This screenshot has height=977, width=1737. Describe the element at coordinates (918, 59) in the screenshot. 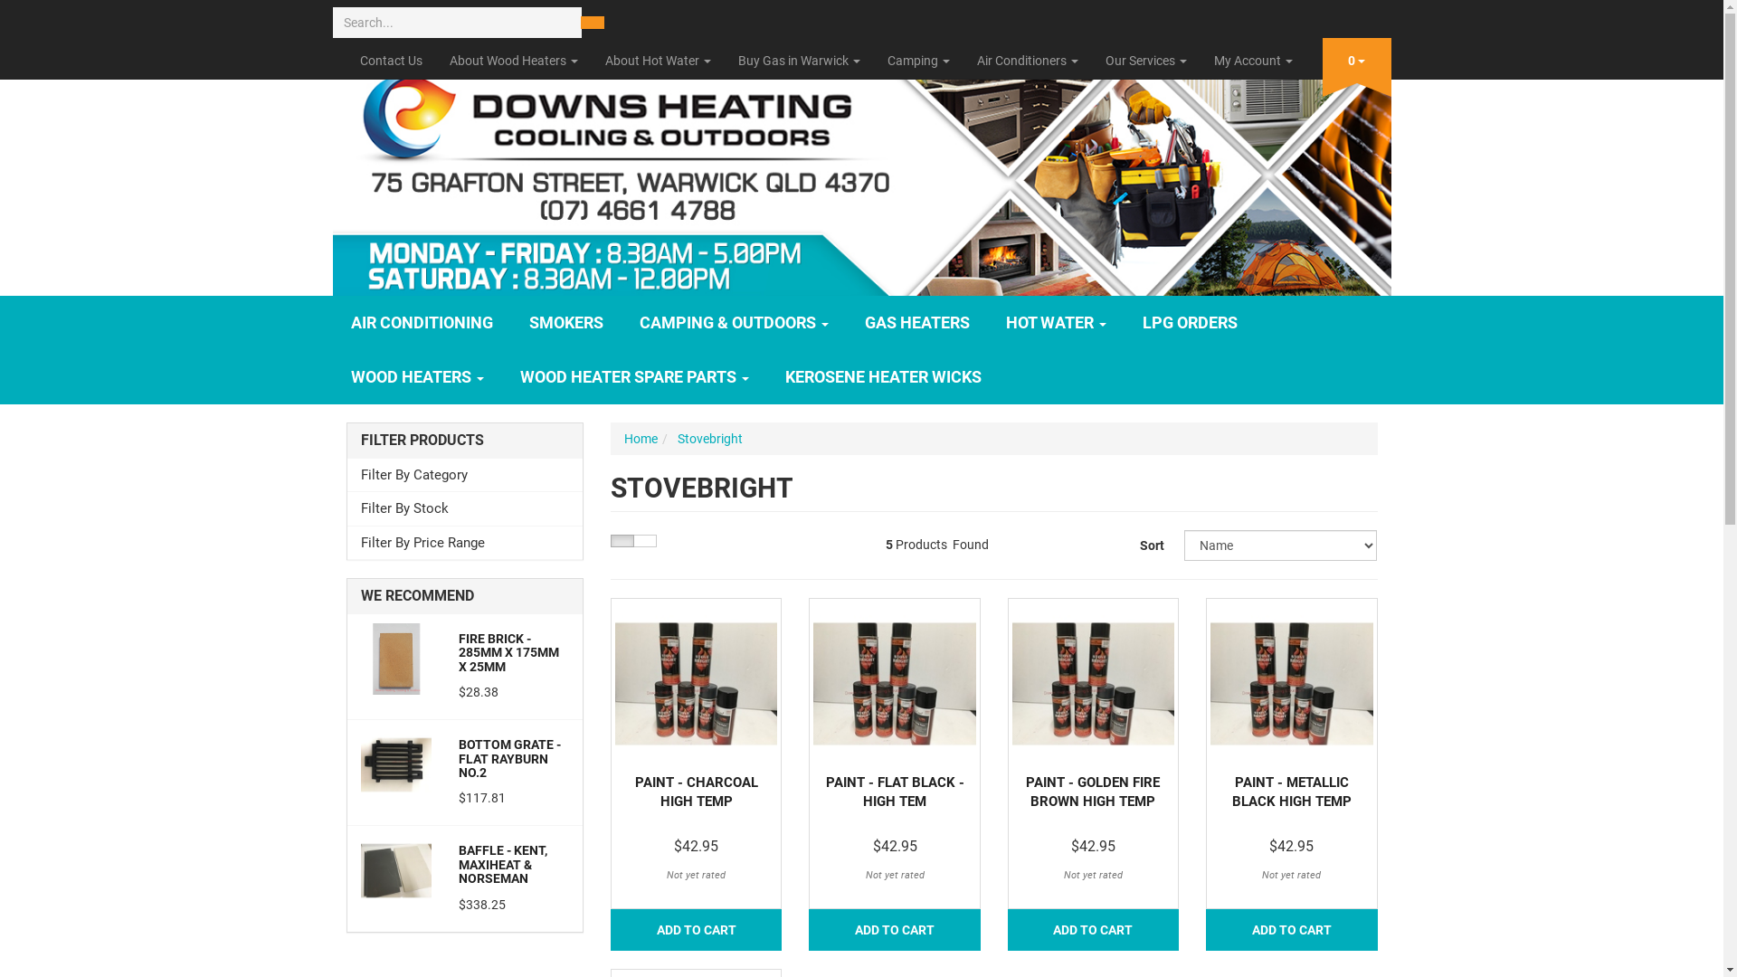

I see `'Camping'` at that location.